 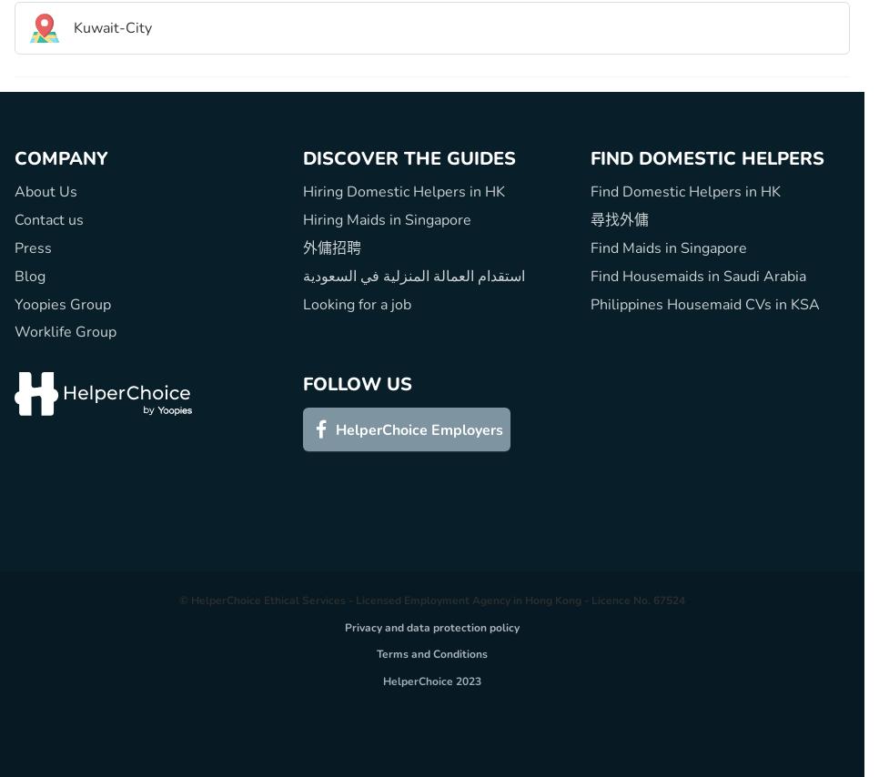 What do you see at coordinates (385, 220) in the screenshot?
I see `'Hiring Maids in Singapore'` at bounding box center [385, 220].